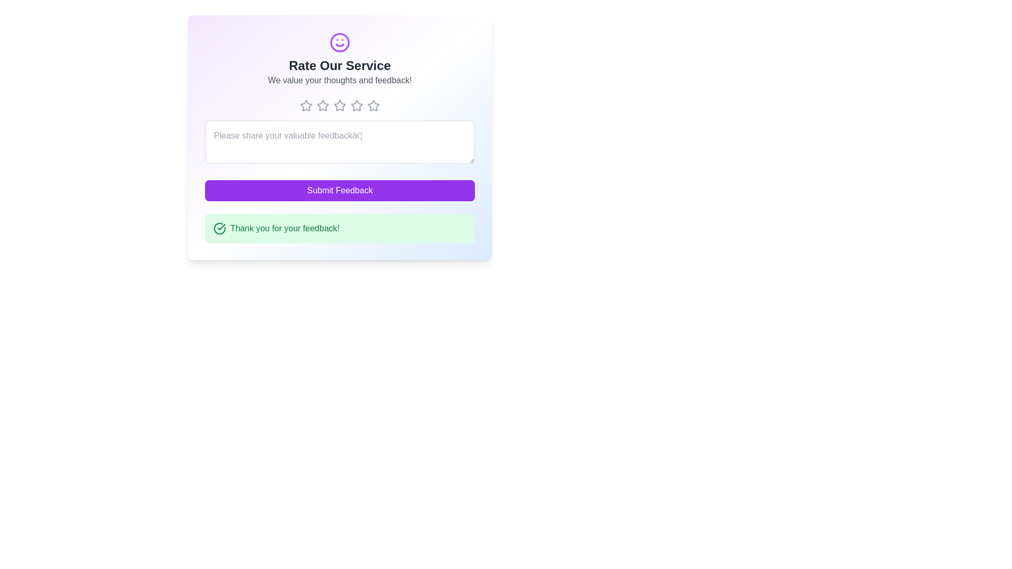  Describe the element at coordinates (339, 105) in the screenshot. I see `the interactive rating star icons located beneath the feedback prompt to rate` at that location.